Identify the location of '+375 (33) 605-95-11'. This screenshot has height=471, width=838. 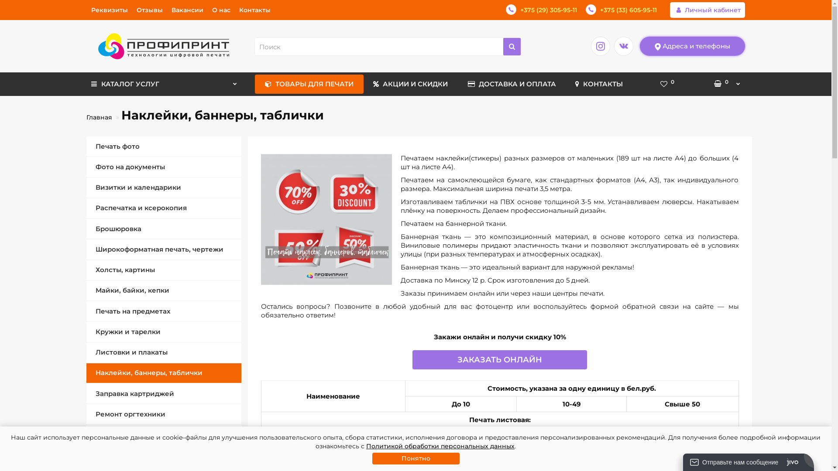
(621, 10).